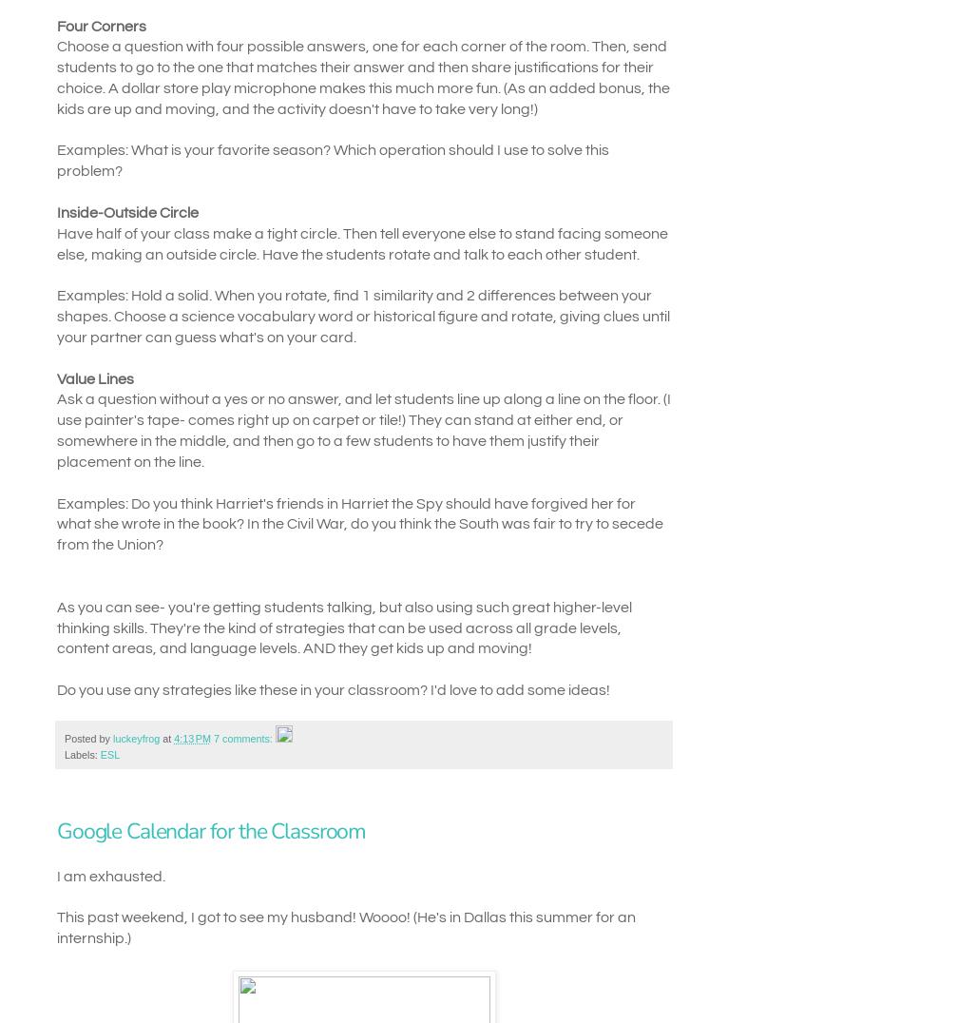 This screenshot has height=1023, width=977. What do you see at coordinates (94, 377) in the screenshot?
I see `'Value Lines'` at bounding box center [94, 377].